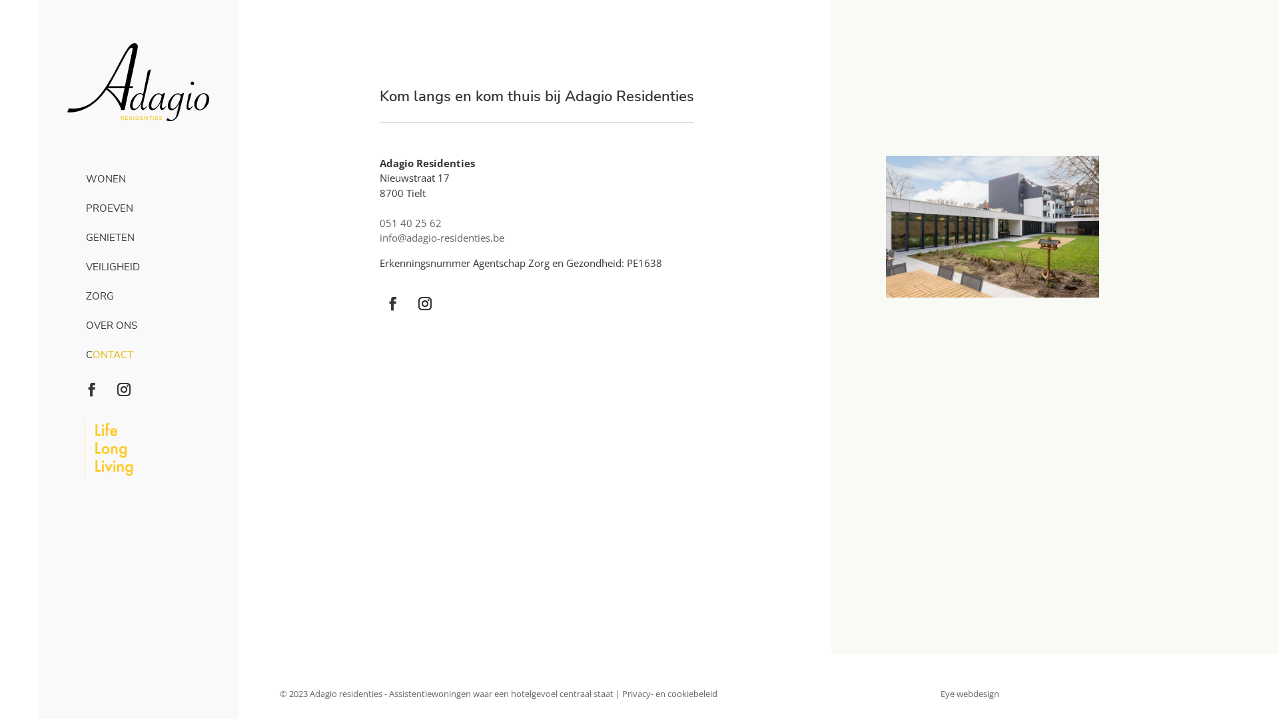  Describe the element at coordinates (138, 295) in the screenshot. I see `'ZORG'` at that location.